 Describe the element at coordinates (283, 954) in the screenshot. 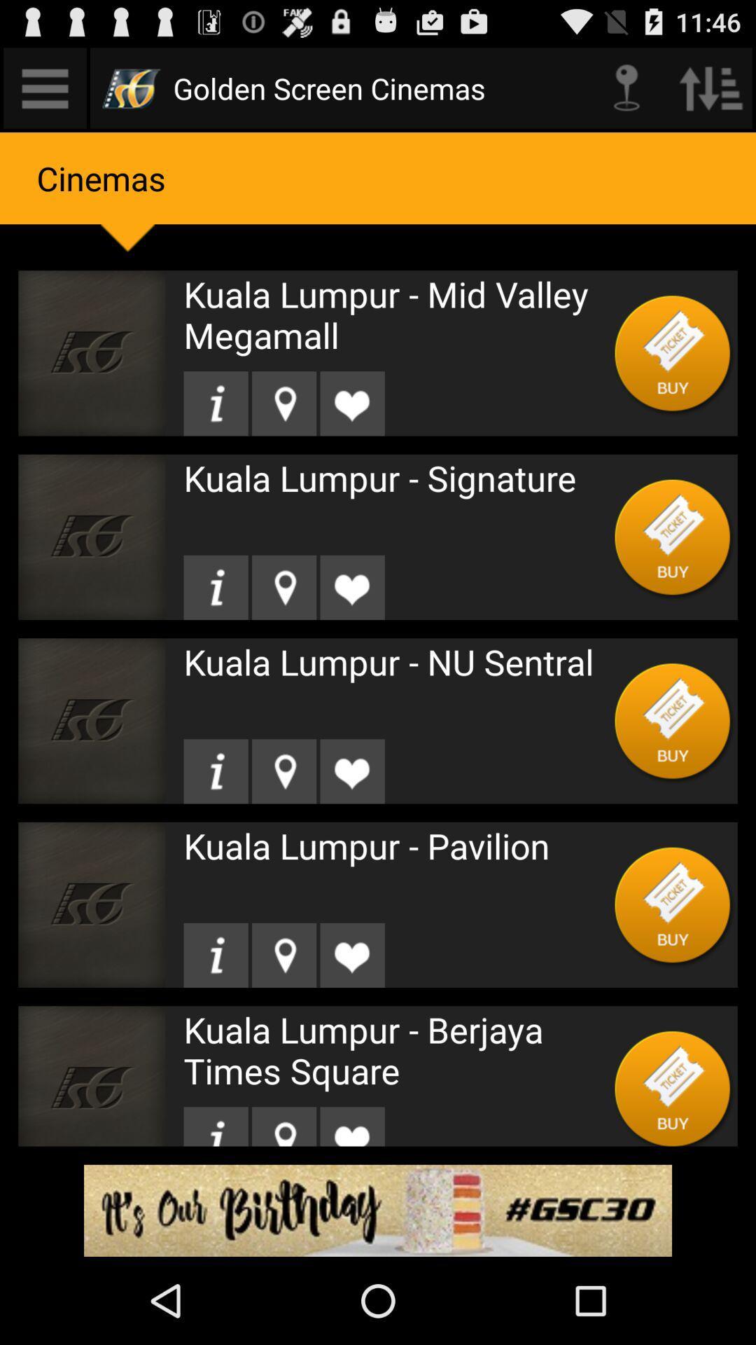

I see `location icon` at that location.